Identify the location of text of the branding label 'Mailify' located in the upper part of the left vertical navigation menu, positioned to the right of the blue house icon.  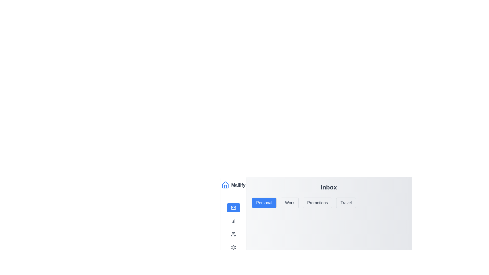
(238, 185).